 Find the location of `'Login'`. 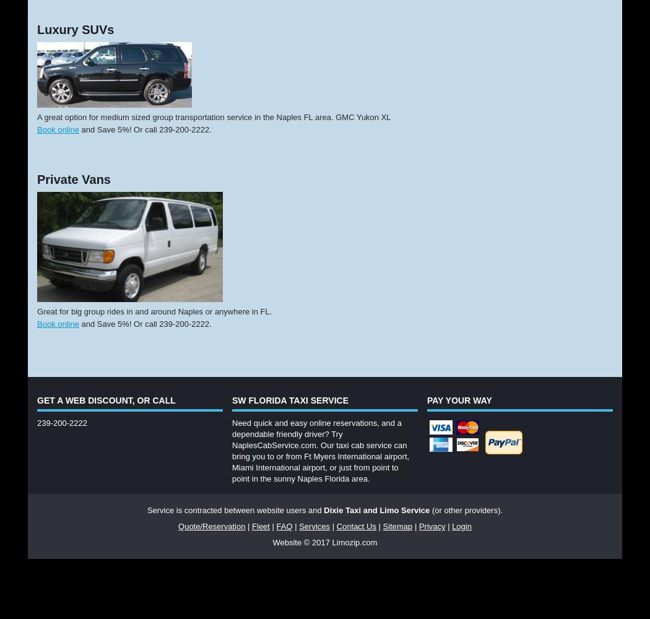

'Login' is located at coordinates (461, 526).